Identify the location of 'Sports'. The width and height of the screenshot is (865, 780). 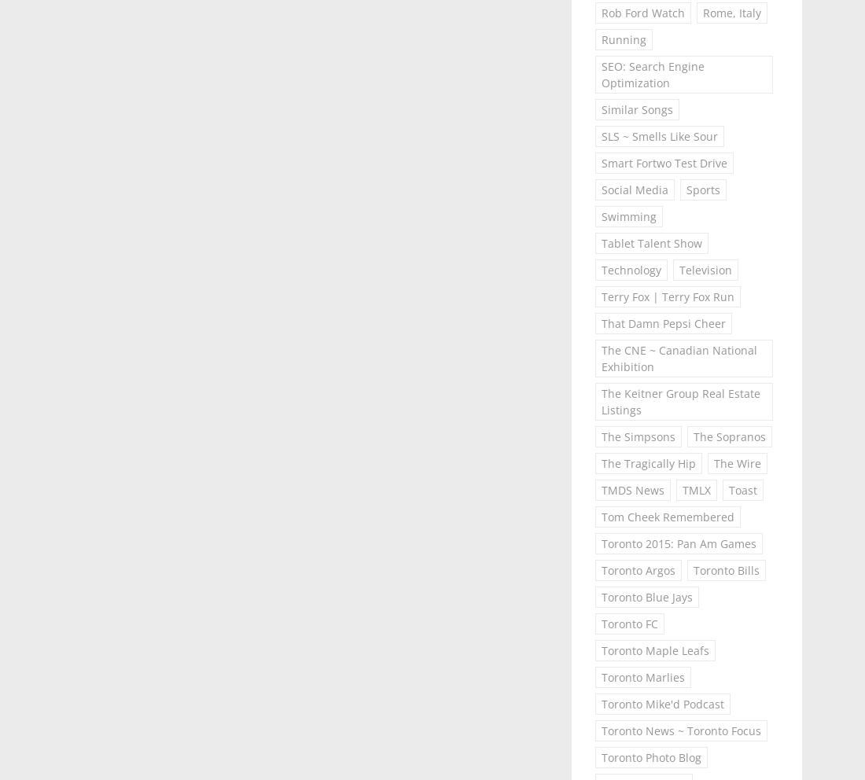
(684, 189).